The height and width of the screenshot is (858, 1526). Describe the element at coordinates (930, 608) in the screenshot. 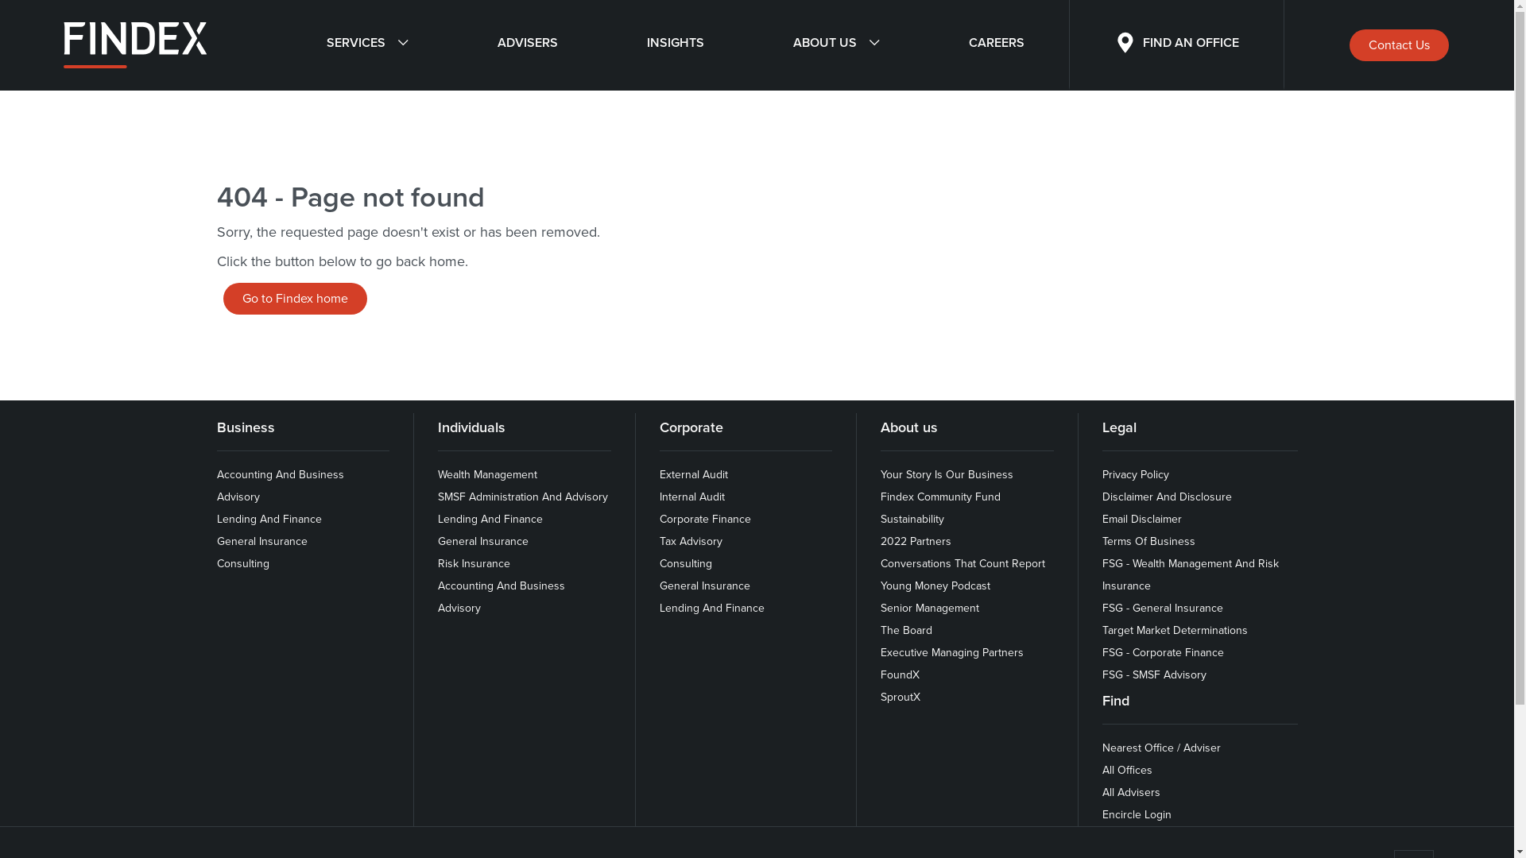

I see `'Senior Management'` at that location.